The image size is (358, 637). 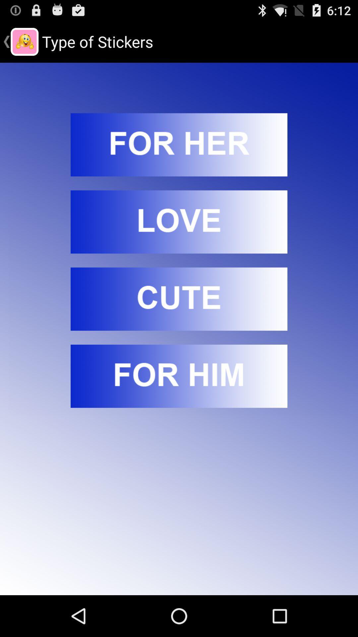 What do you see at coordinates (179, 376) in the screenshot?
I see `click for 'him sticker` at bounding box center [179, 376].